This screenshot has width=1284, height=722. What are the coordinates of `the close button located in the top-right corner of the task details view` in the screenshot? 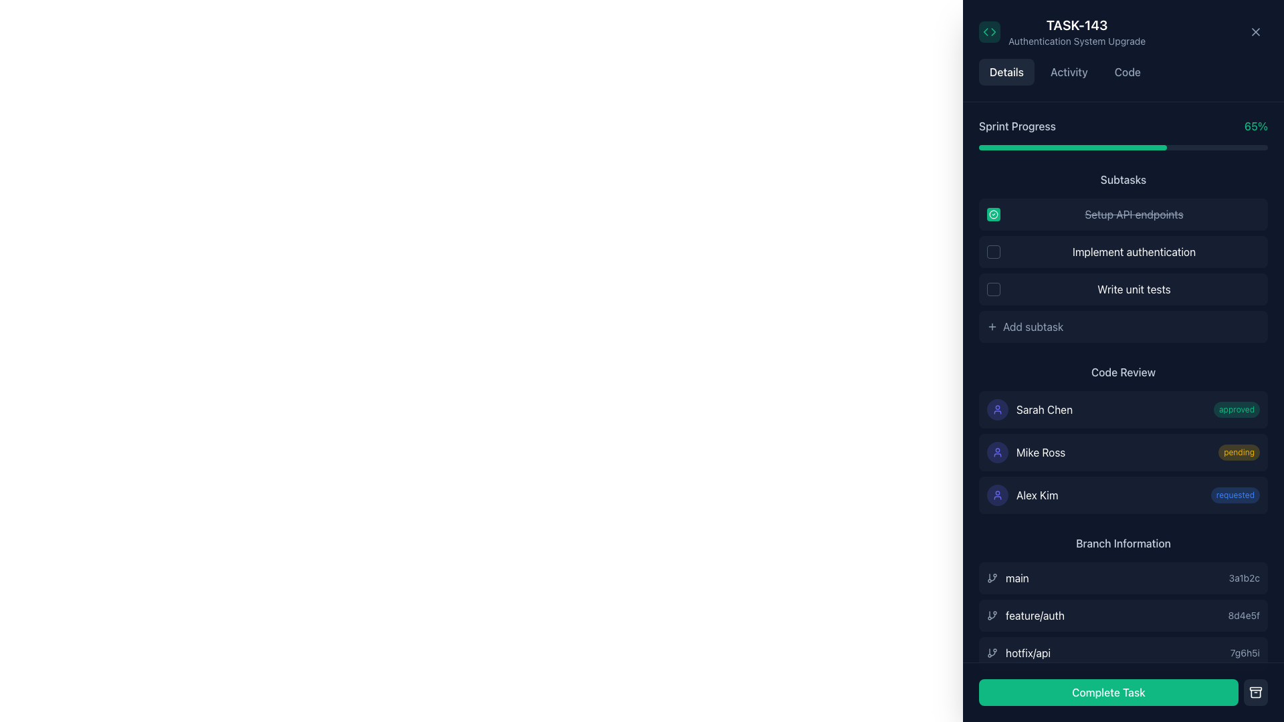 It's located at (1255, 31).